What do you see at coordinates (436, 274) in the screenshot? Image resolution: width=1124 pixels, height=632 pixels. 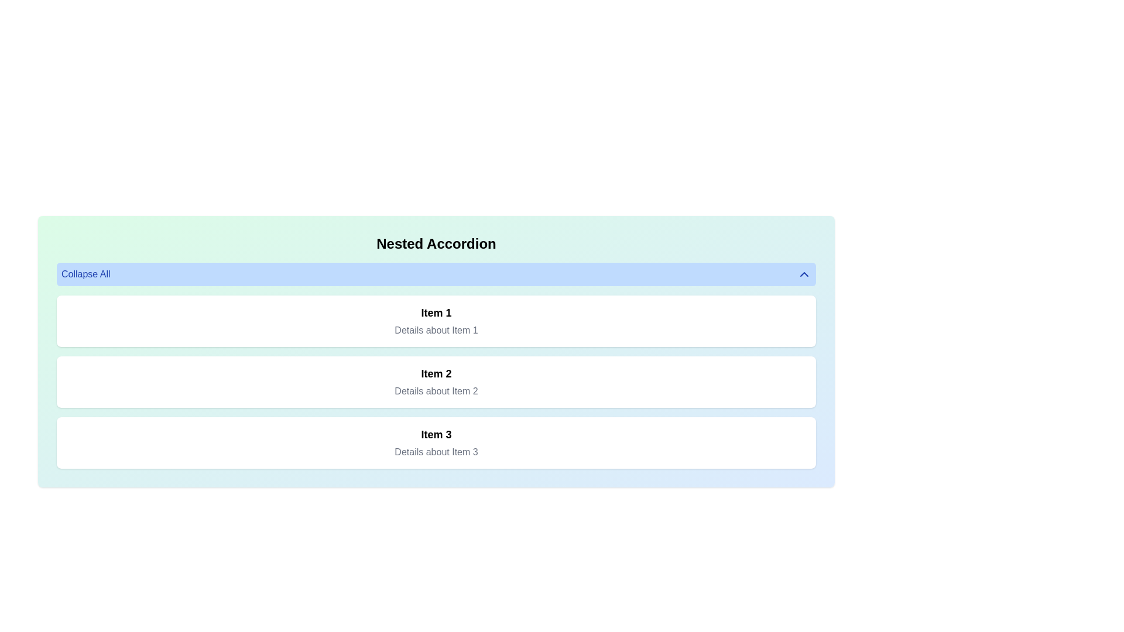 I see `the 'Collapse All' button to toggle the state of the accordion` at bounding box center [436, 274].